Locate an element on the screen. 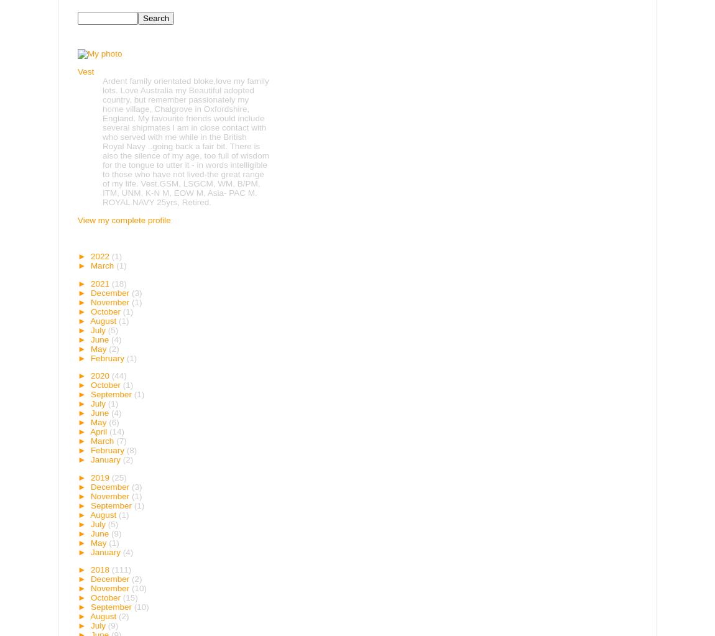 The width and height of the screenshot is (715, 636). '2021' is located at coordinates (100, 282).